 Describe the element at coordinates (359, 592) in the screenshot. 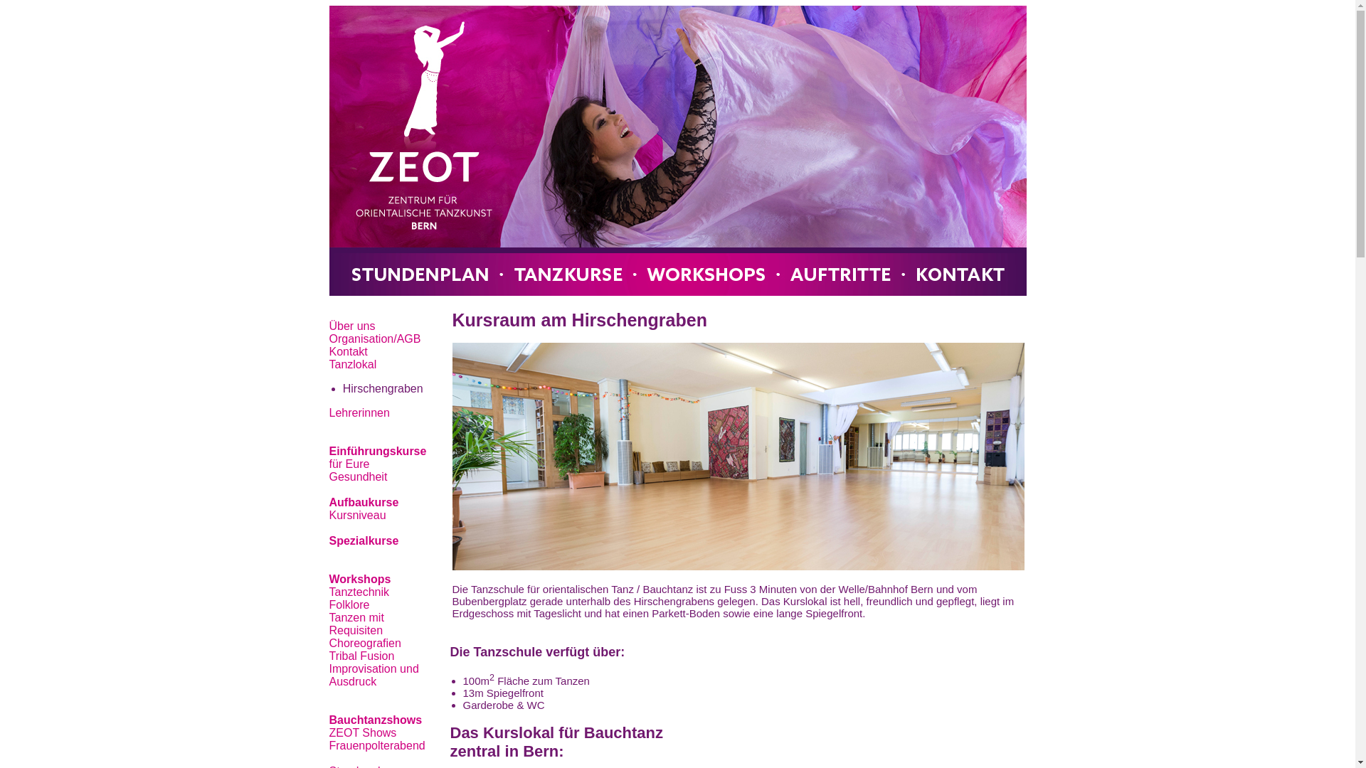

I see `'Tanztechnik'` at that location.